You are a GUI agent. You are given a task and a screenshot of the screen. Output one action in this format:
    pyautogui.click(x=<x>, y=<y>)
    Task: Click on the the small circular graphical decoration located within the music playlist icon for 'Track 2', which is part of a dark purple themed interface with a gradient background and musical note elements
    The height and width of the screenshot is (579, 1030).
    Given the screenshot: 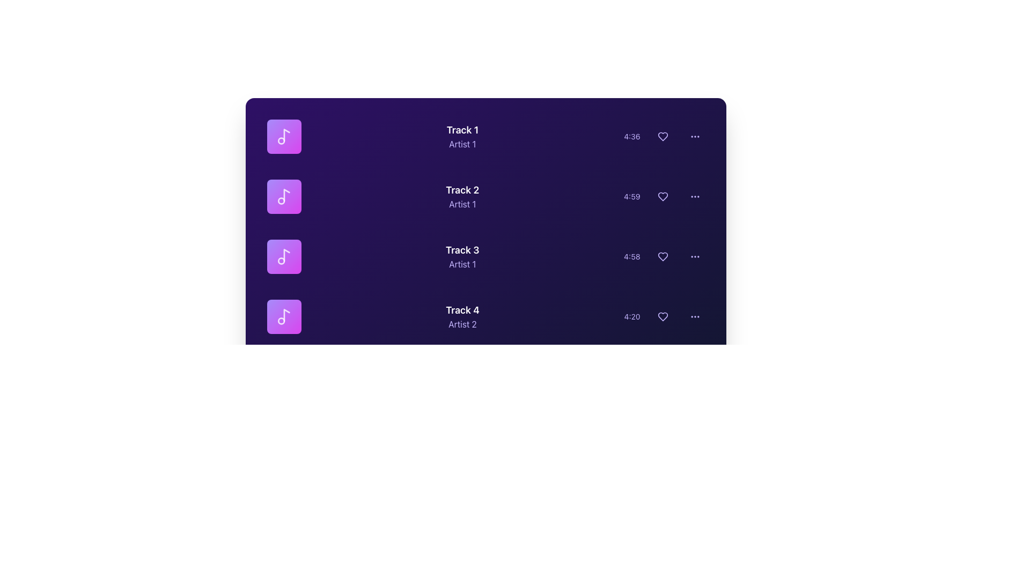 What is the action you would take?
    pyautogui.click(x=281, y=201)
    